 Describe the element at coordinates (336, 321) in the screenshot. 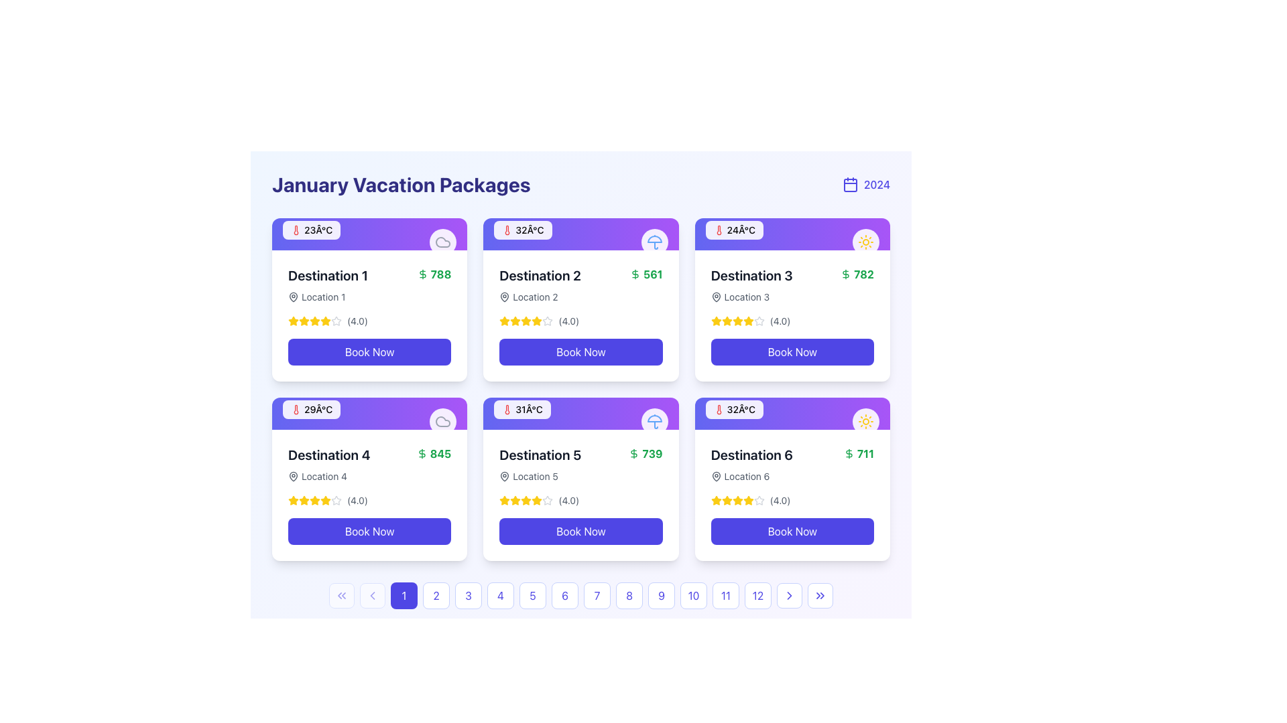

I see `the fifth non-selected rating star icon for the item 'Destination 1'` at that location.